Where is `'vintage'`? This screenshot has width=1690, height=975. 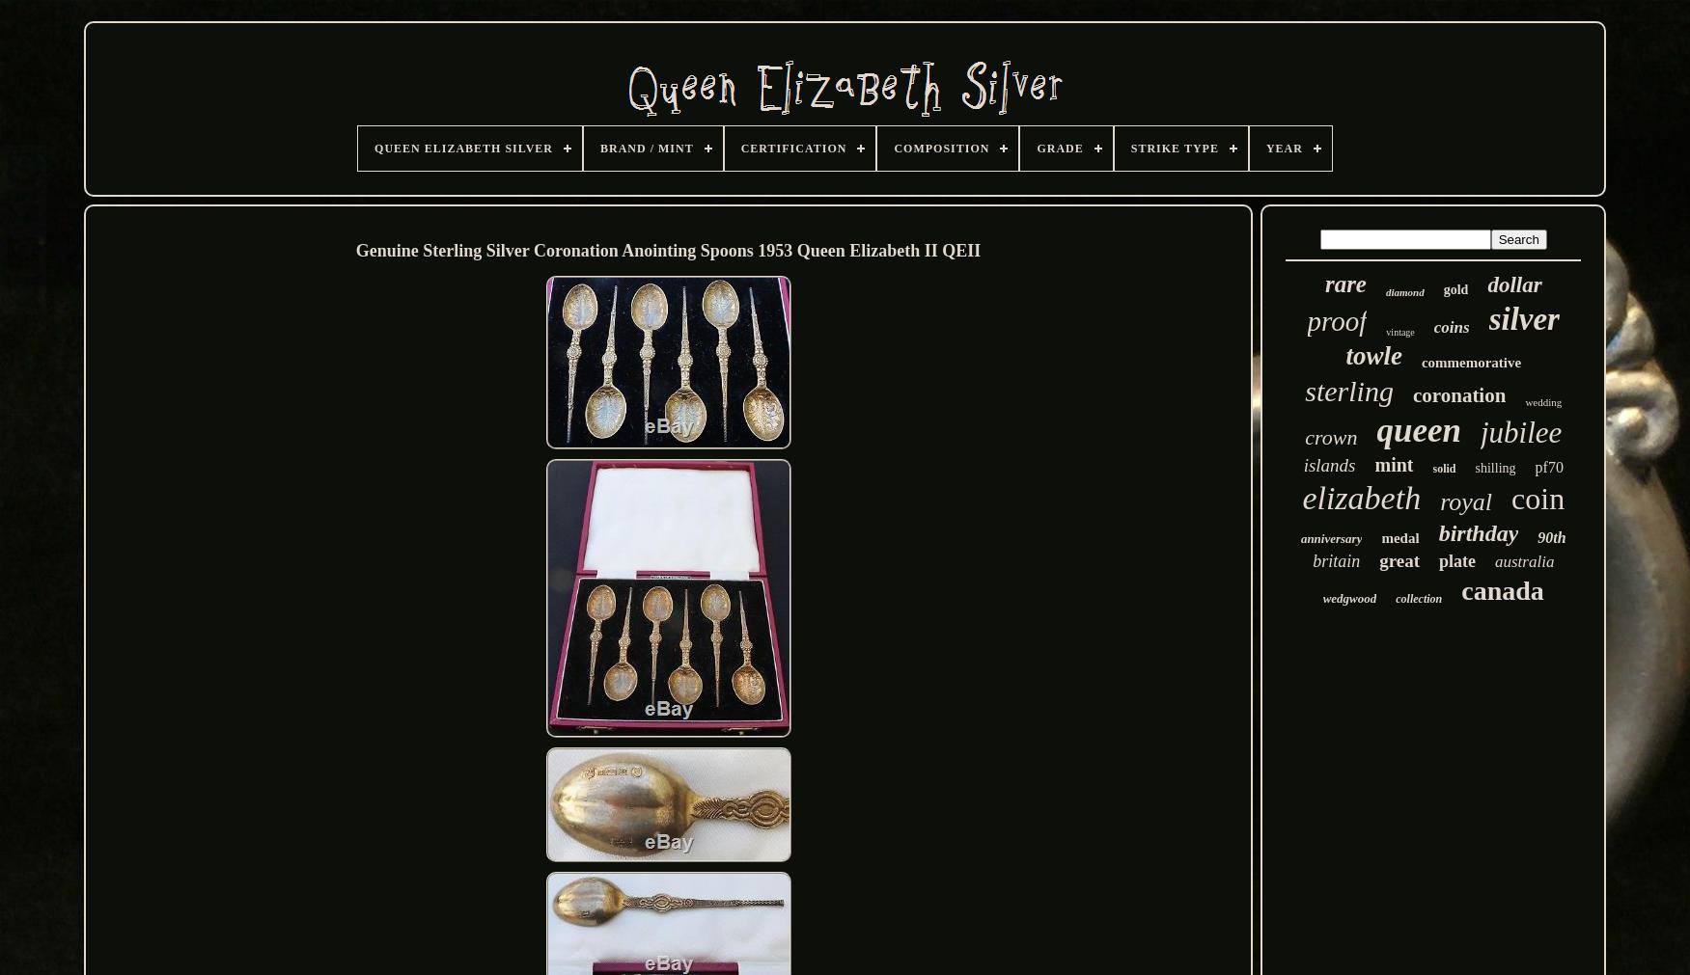 'vintage' is located at coordinates (1399, 331).